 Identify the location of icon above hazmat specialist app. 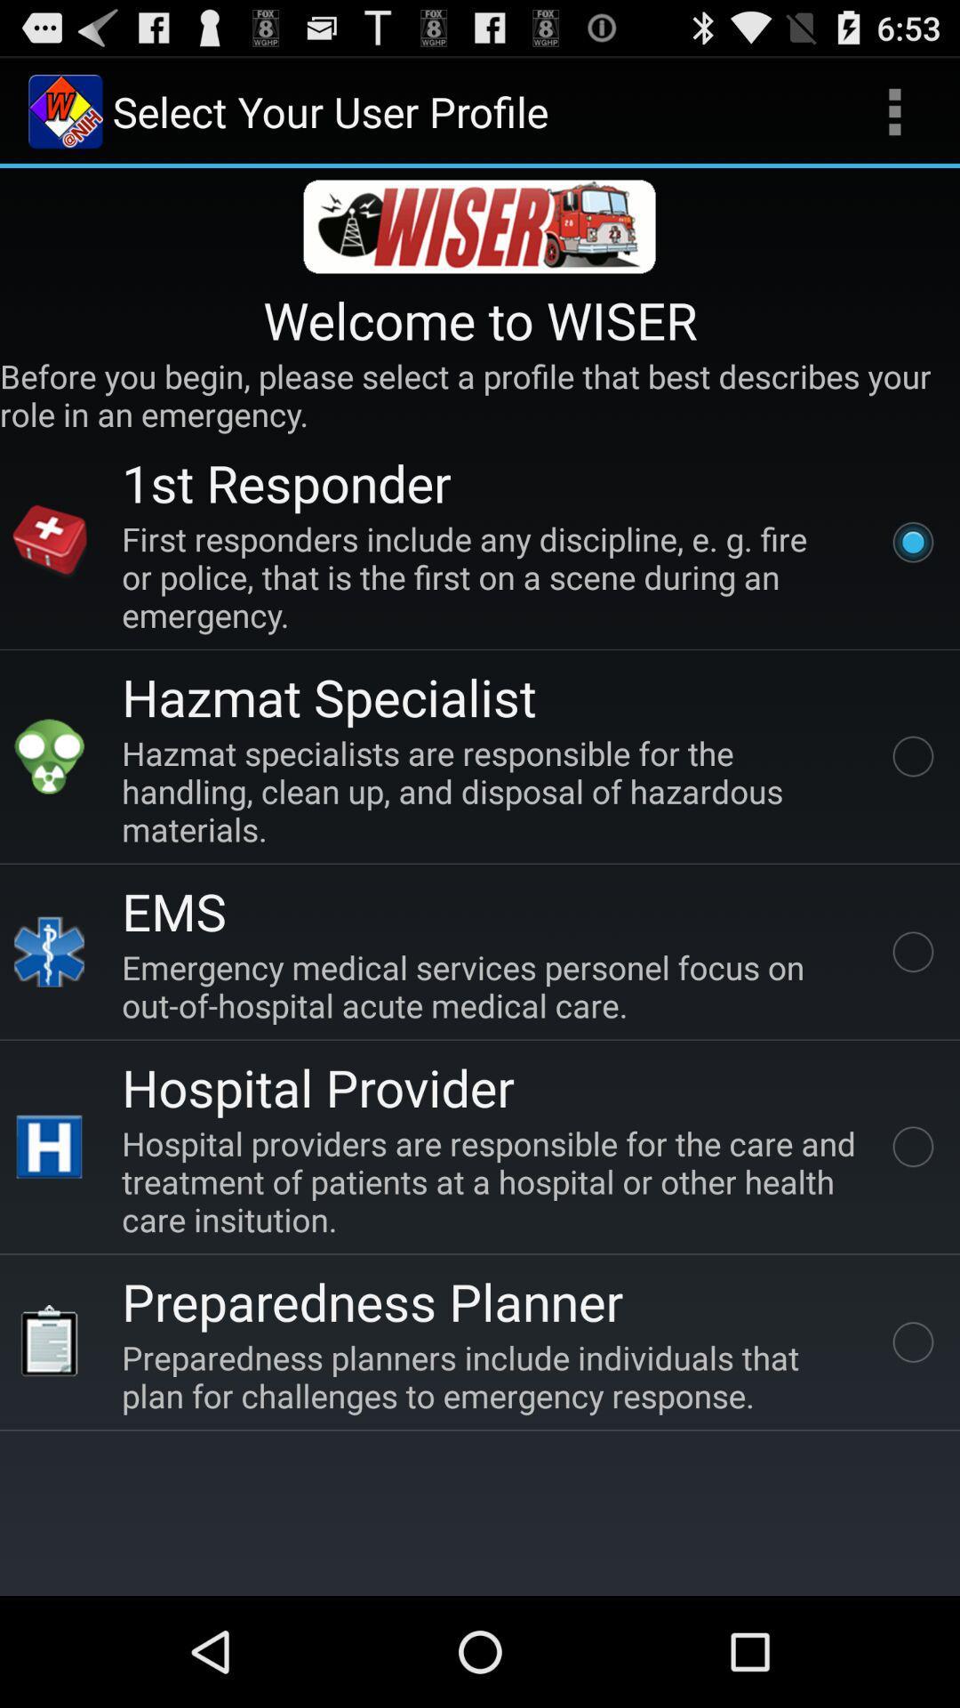
(492, 576).